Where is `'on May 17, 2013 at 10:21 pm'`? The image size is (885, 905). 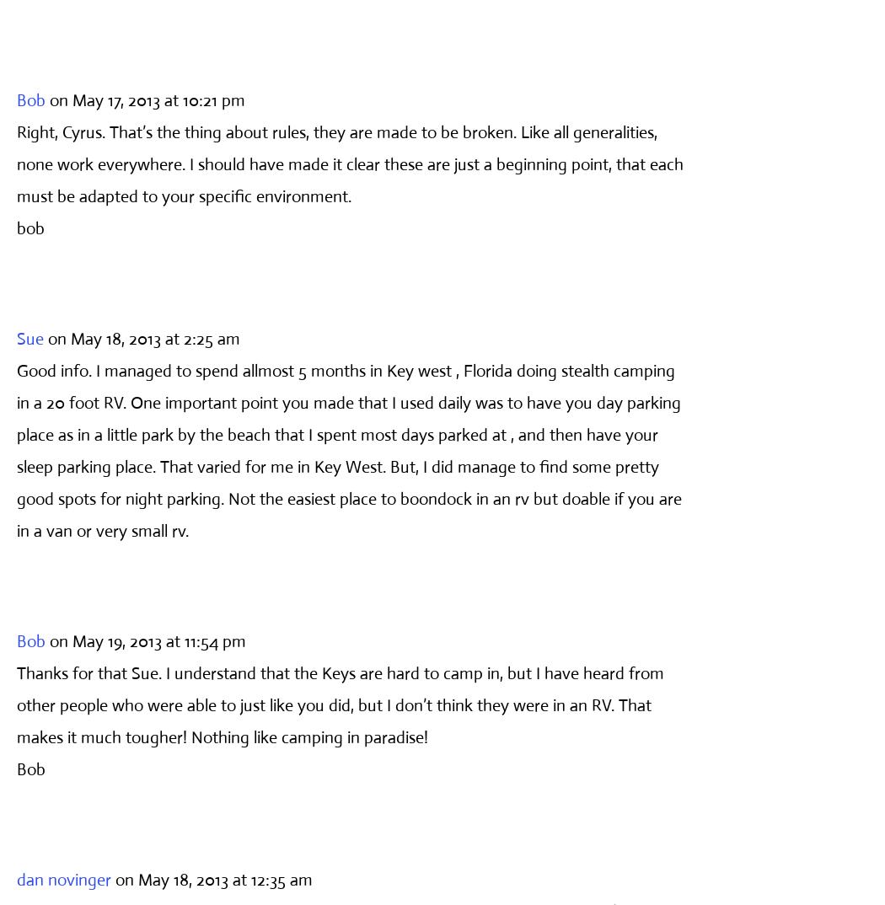
'on May 17, 2013 at 10:21 pm' is located at coordinates (49, 99).